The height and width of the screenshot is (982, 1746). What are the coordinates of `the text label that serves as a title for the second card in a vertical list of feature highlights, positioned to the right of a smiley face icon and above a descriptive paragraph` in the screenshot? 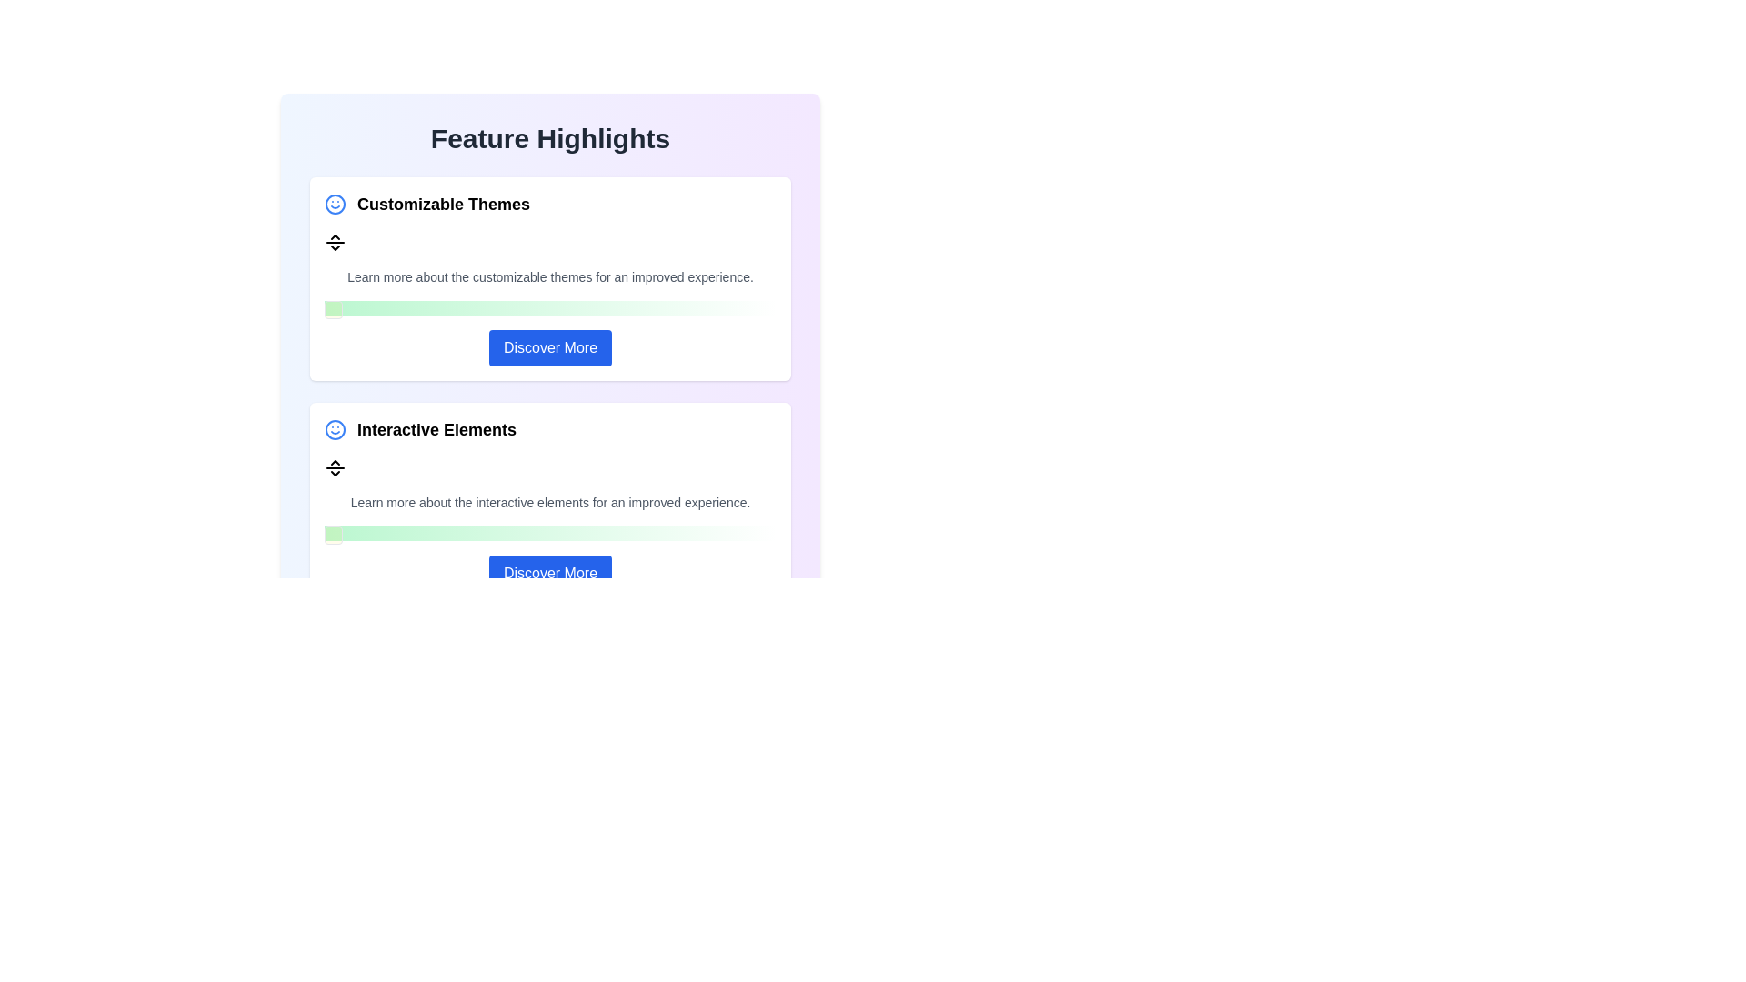 It's located at (436, 430).